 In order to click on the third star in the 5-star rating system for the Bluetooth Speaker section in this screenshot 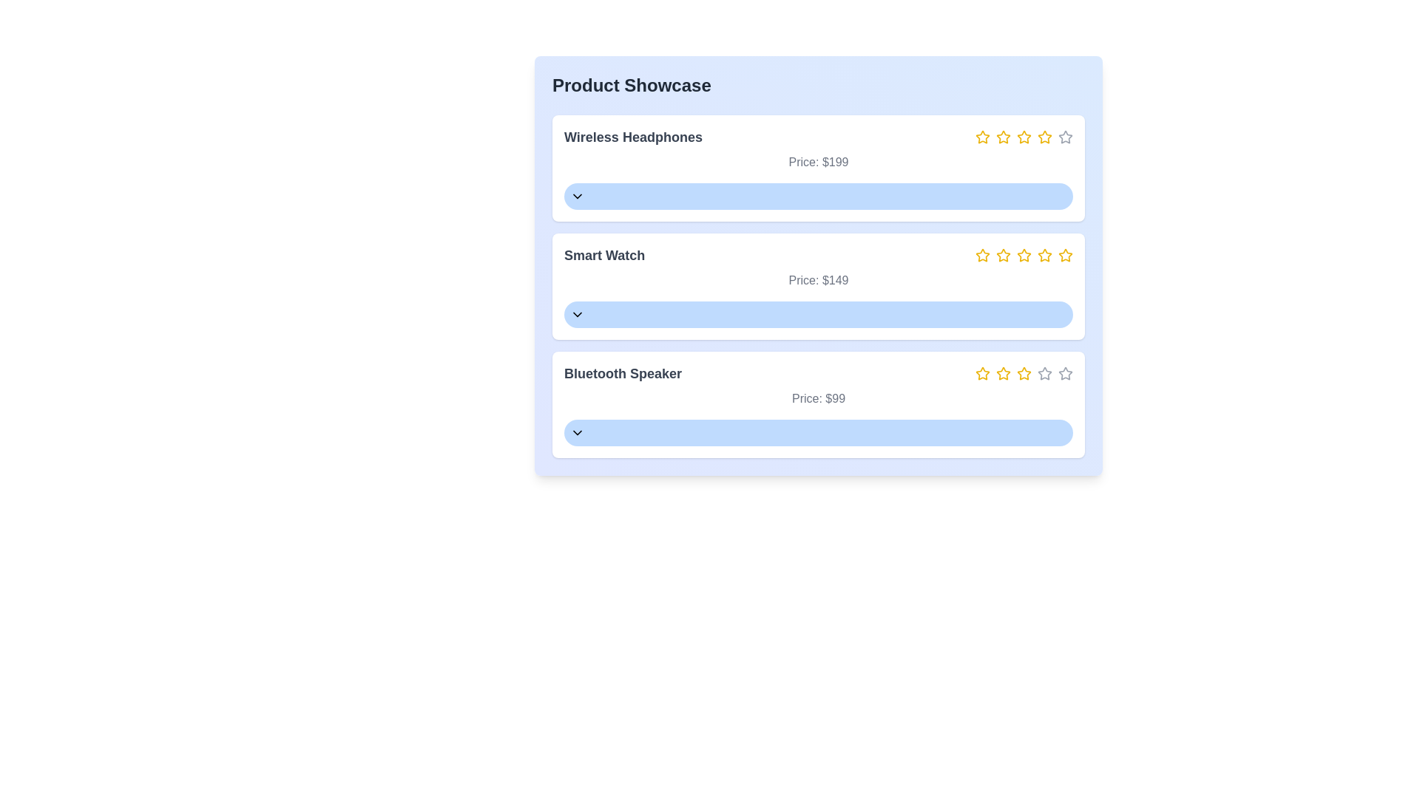, I will do `click(1024, 372)`.